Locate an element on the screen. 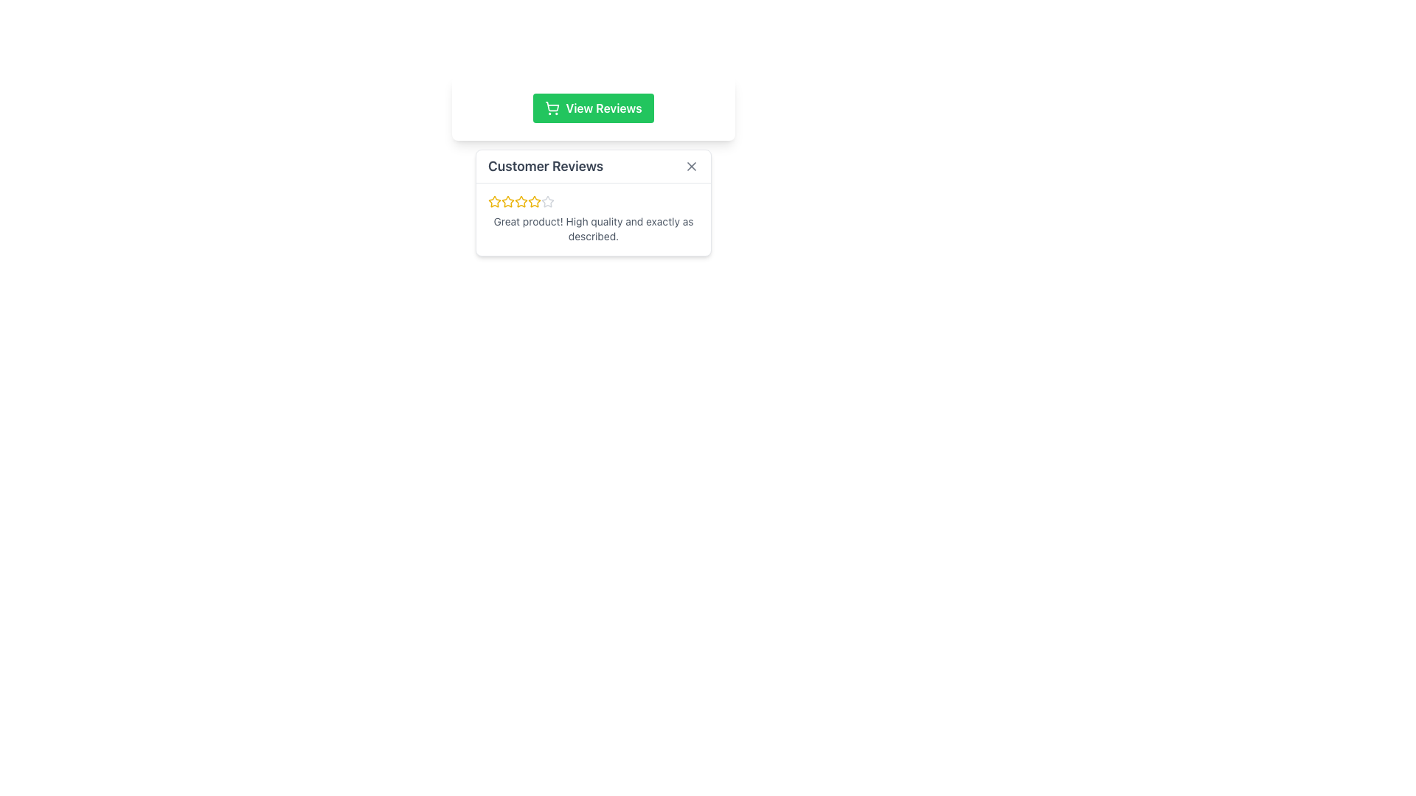 This screenshot has height=796, width=1416. the first star icon in the rating interface under the 'Customer Reviews' section is located at coordinates (495, 201).